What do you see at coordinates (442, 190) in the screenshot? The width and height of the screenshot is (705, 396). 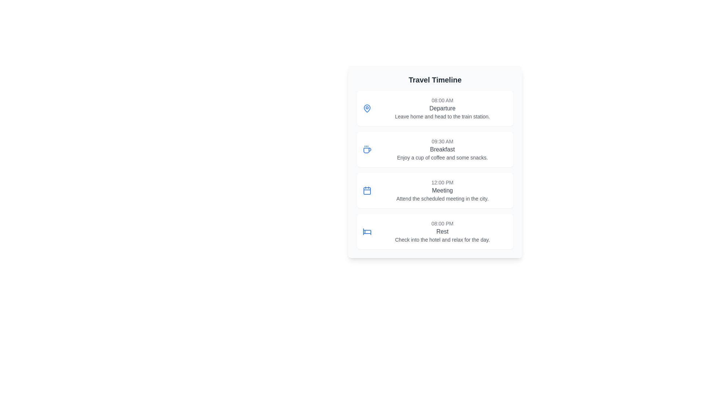 I see `description of the meeting scheduled at 12:00 PM, which provides details about the event titled 'Meeting' and the description 'Attend the scheduled meeting in the city.' This element is the third item in the 'Travel Timeline' section, located between 'Breakfast' and 'Rest'` at bounding box center [442, 190].